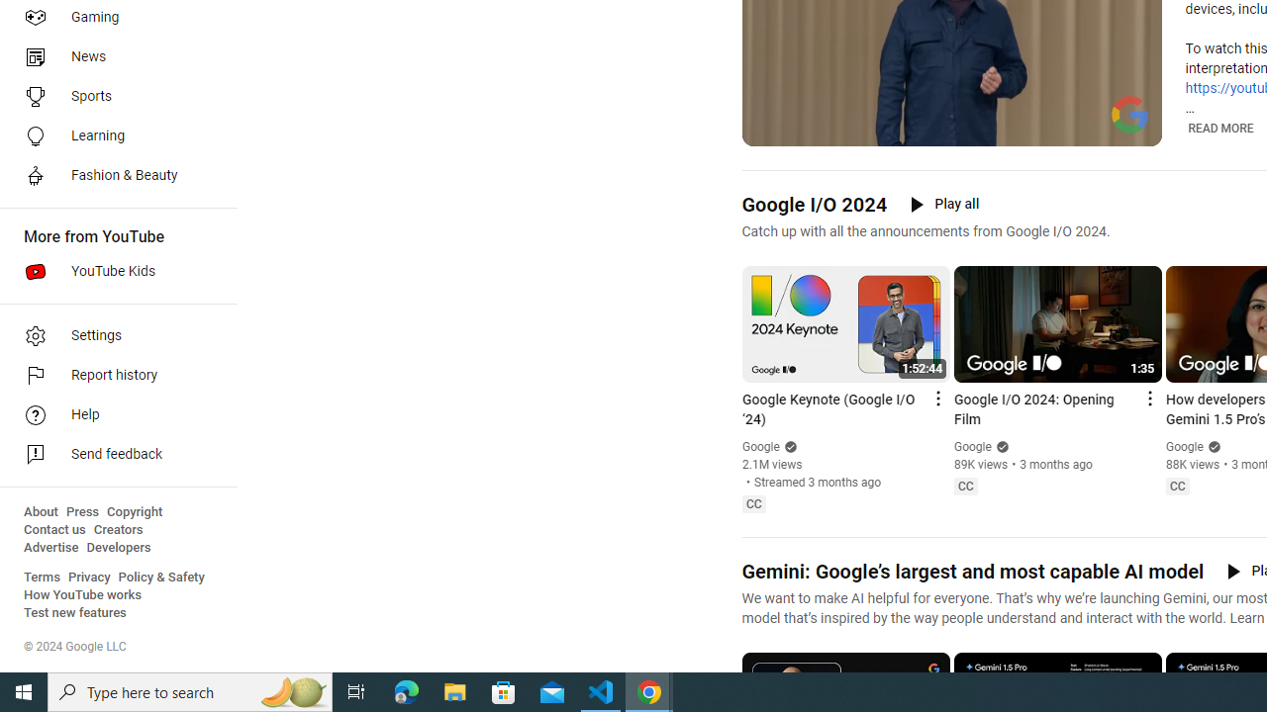  I want to click on 'Creators', so click(117, 529).